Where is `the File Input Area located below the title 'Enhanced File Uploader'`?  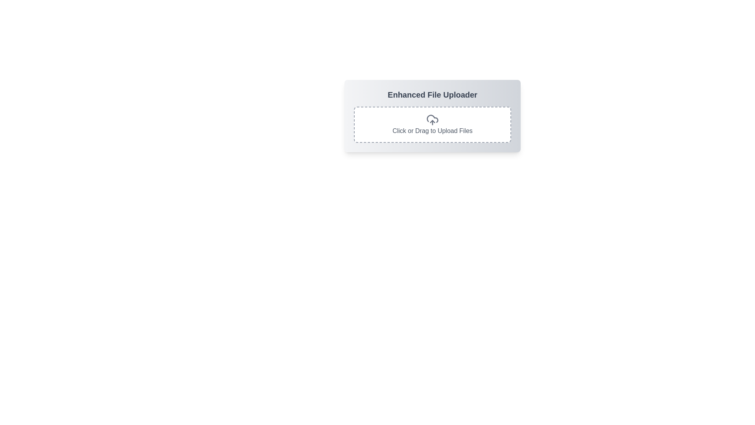
the File Input Area located below the title 'Enhanced File Uploader' is located at coordinates (432, 124).